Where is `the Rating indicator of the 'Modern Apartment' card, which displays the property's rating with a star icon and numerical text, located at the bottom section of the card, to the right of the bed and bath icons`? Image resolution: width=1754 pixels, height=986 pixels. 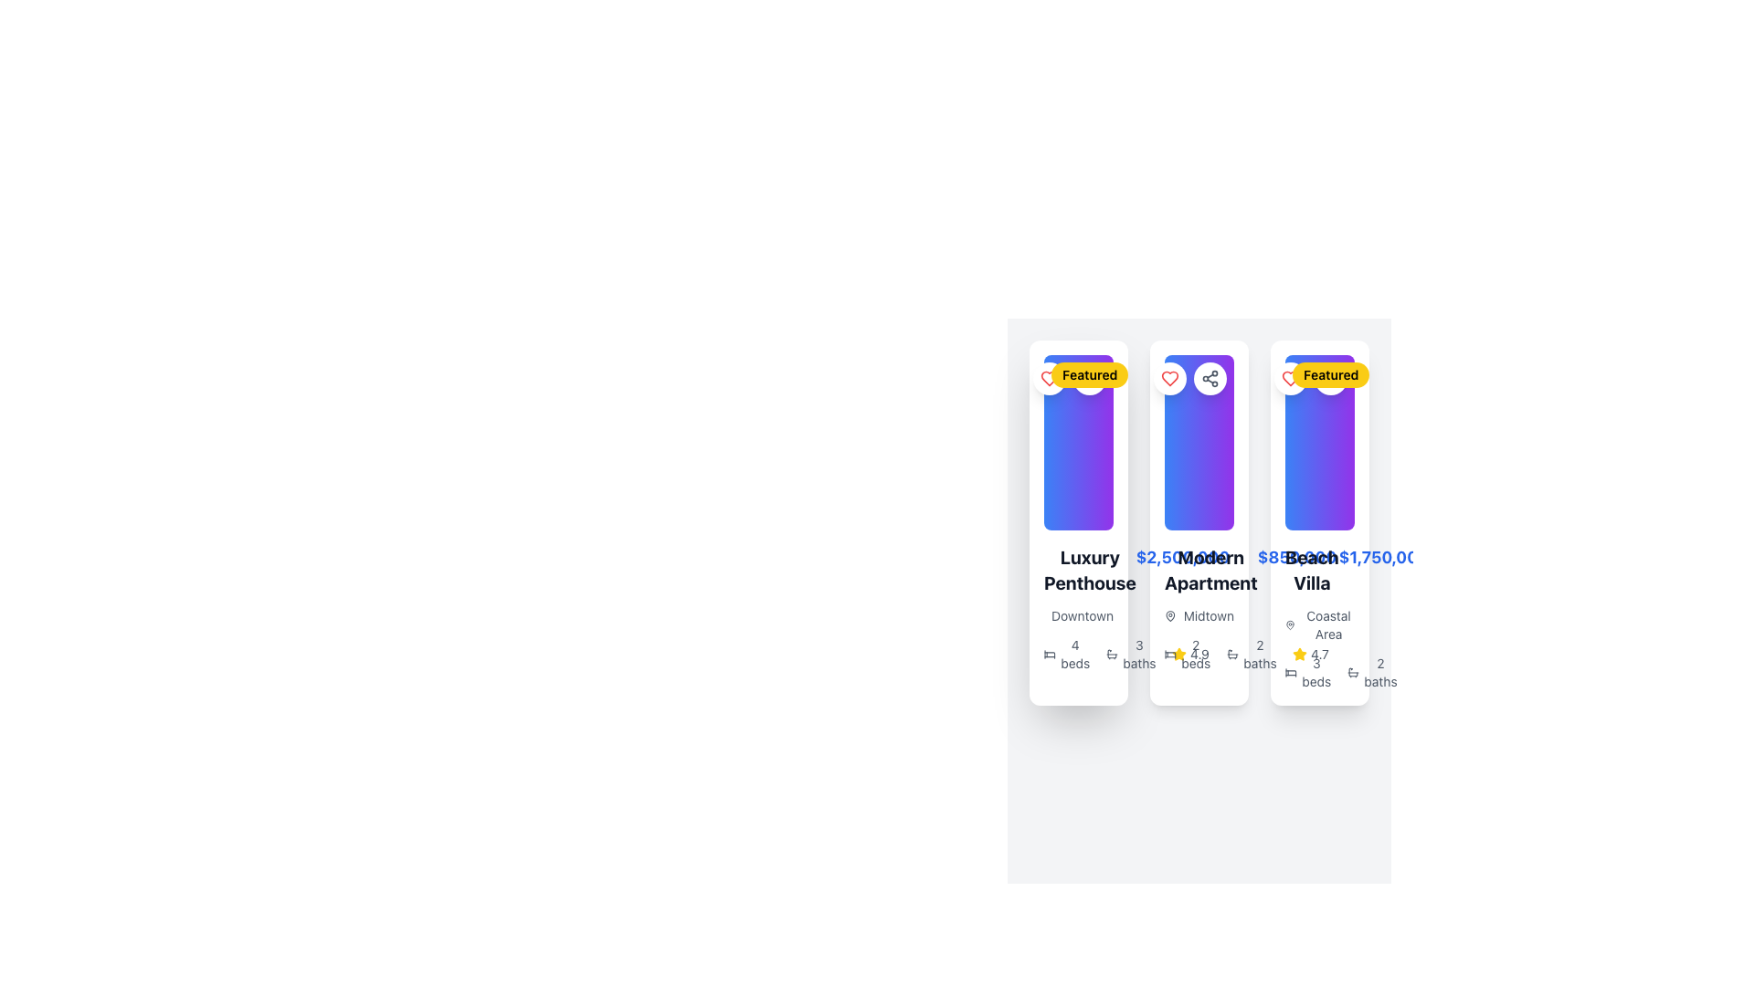
the Rating indicator of the 'Modern Apartment' card, which displays the property's rating with a star icon and numerical text, located at the bottom section of the card, to the right of the bed and bath icons is located at coordinates (1190, 654).